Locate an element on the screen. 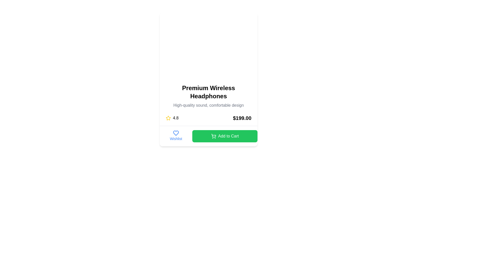 This screenshot has height=275, width=489. the heart icon located under the headline text 'Premium Wireless Headphones' in the wishlist section to mark the item as a favorite is located at coordinates (176, 133).